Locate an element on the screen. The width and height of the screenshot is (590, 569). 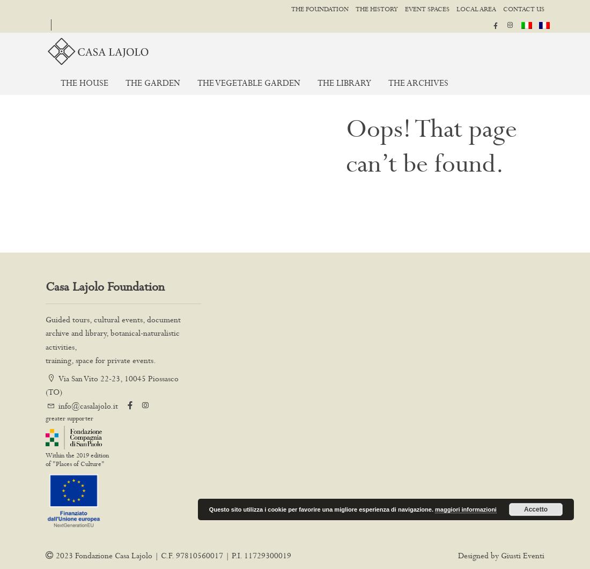
'Giusti Eventi' is located at coordinates (522, 555).